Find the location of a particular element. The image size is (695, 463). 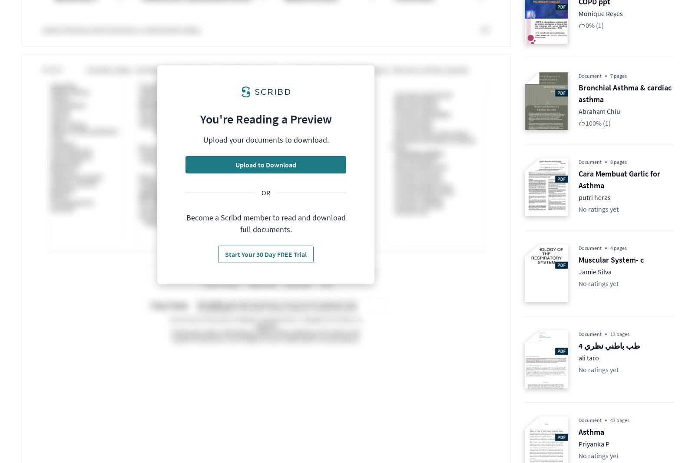

'Cara Membuat Garlic for Asthma' is located at coordinates (619, 179).